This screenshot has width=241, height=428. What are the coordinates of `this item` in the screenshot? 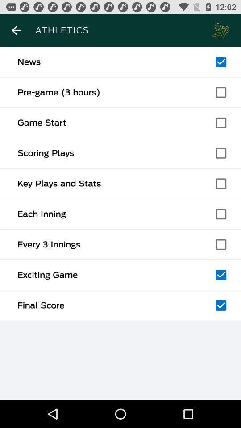 It's located at (220, 62).